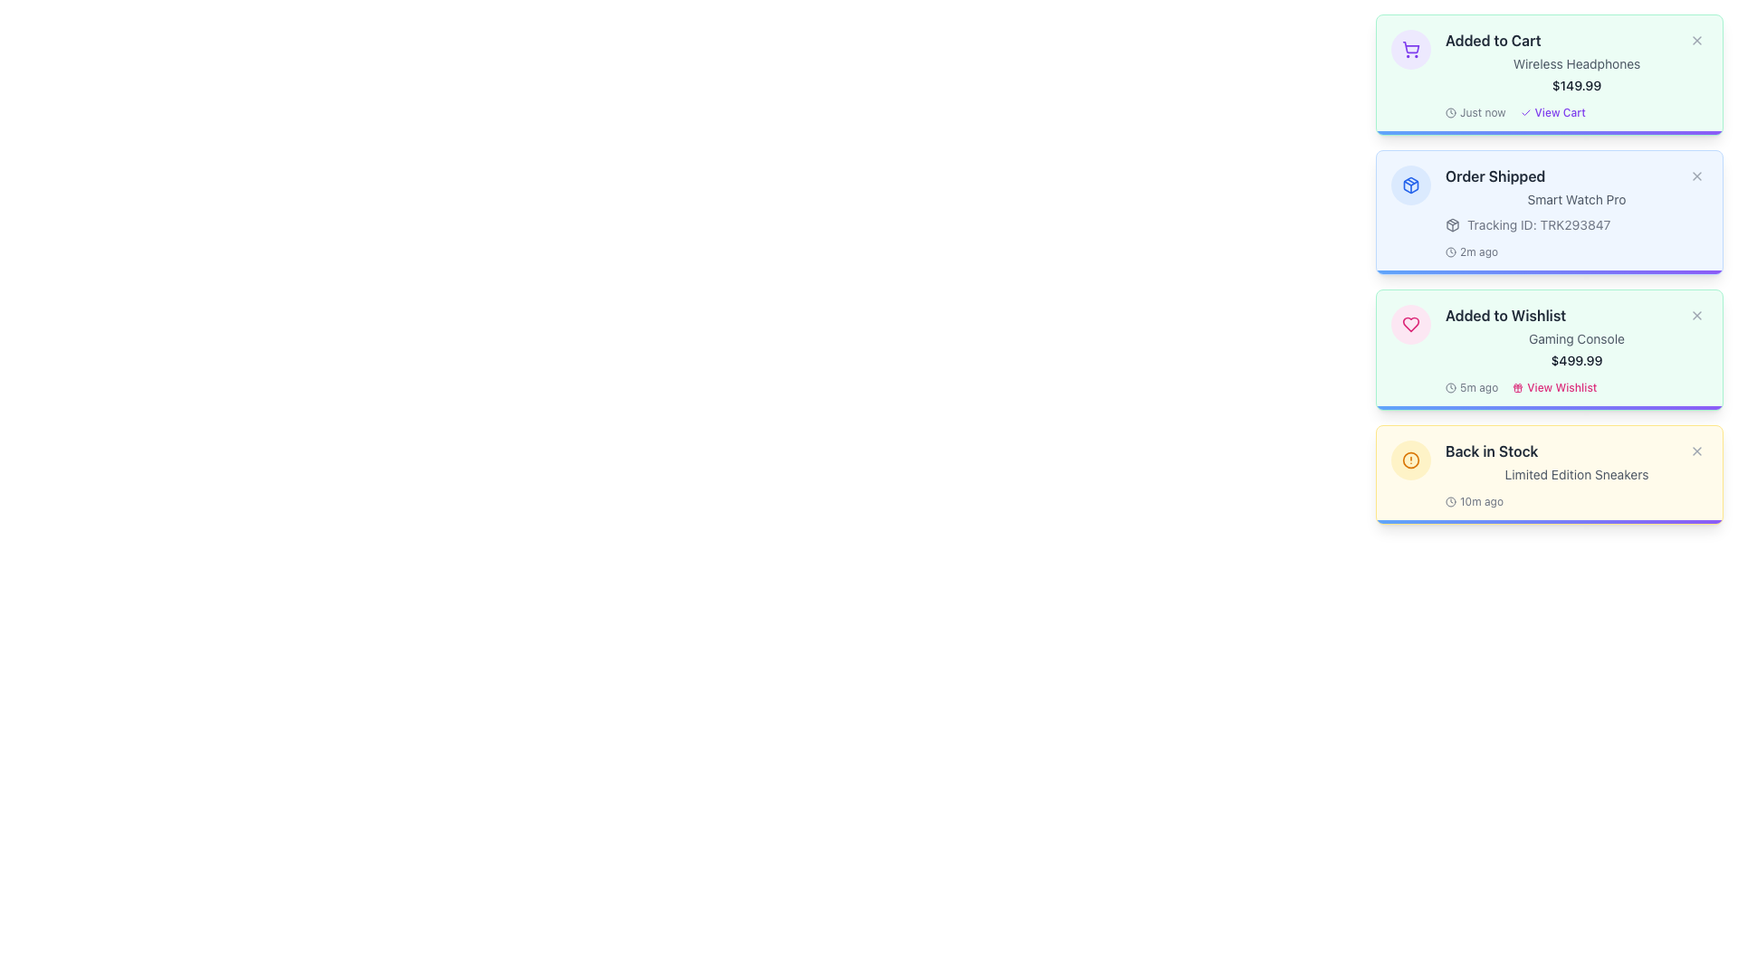  What do you see at coordinates (1549, 522) in the screenshot?
I see `the Progress Indicator located at the bottom edge of the 'Back in Stock' notification card, which visually indicates progress` at bounding box center [1549, 522].